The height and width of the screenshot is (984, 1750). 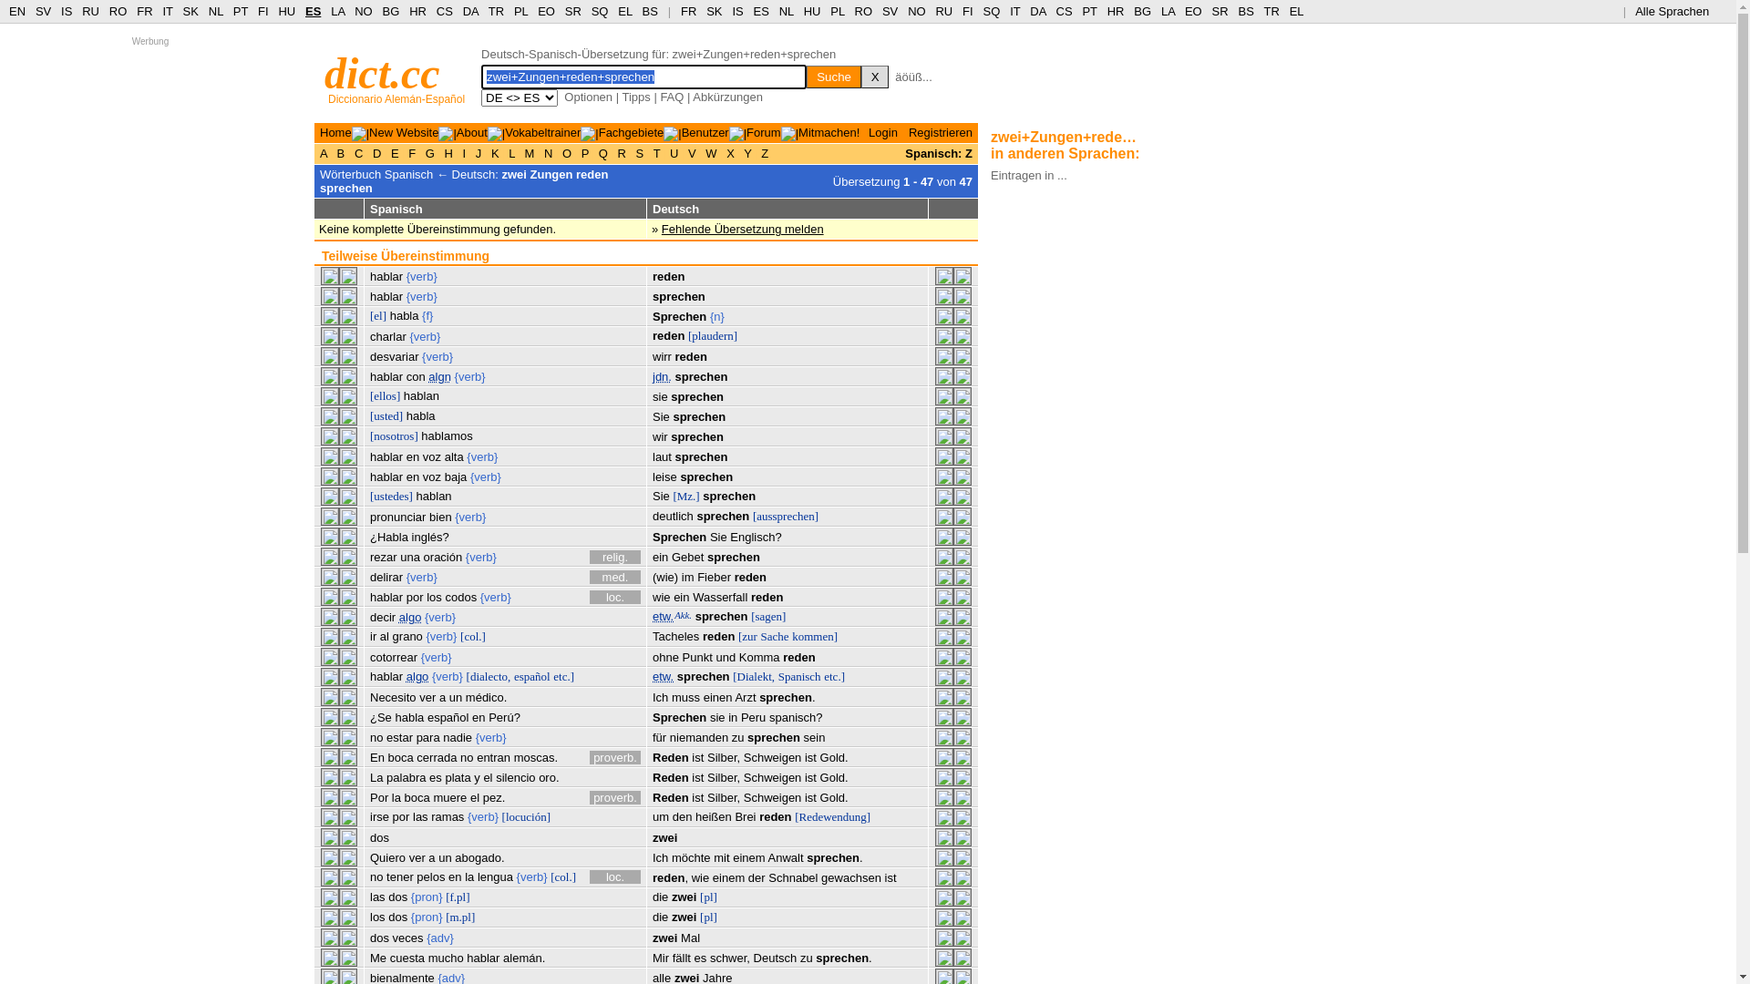 What do you see at coordinates (547, 152) in the screenshot?
I see `'N'` at bounding box center [547, 152].